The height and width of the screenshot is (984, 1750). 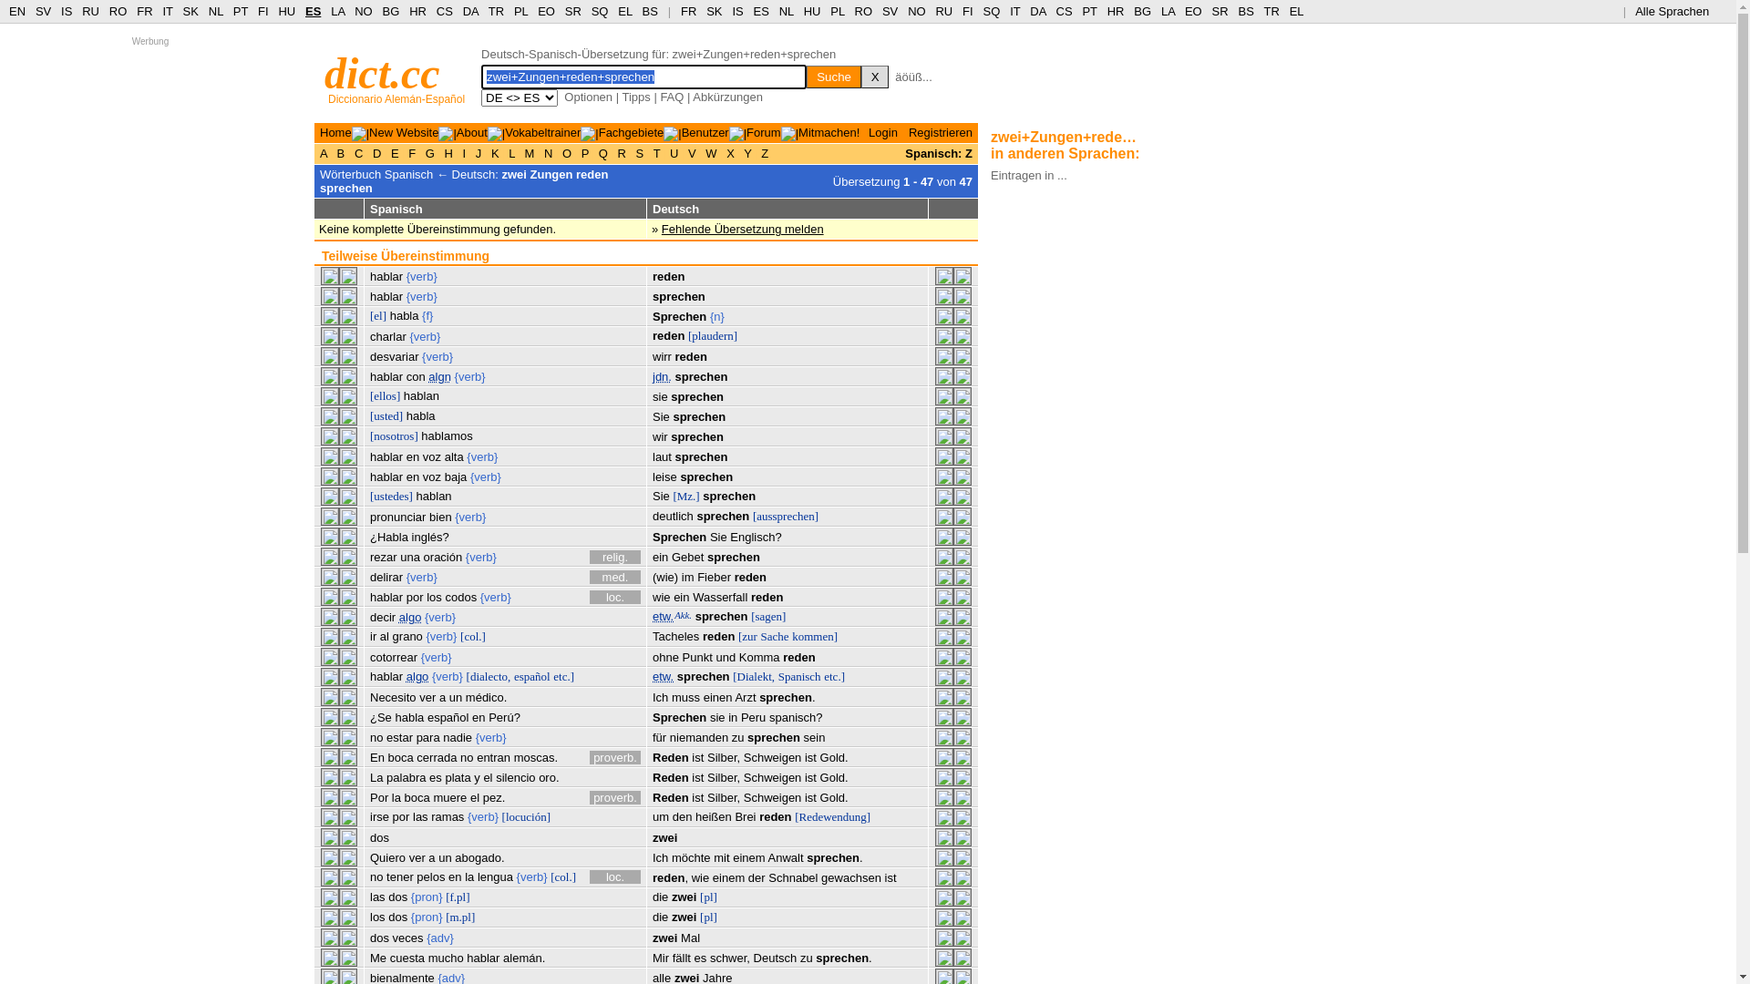 What do you see at coordinates (547, 152) in the screenshot?
I see `'N'` at bounding box center [547, 152].